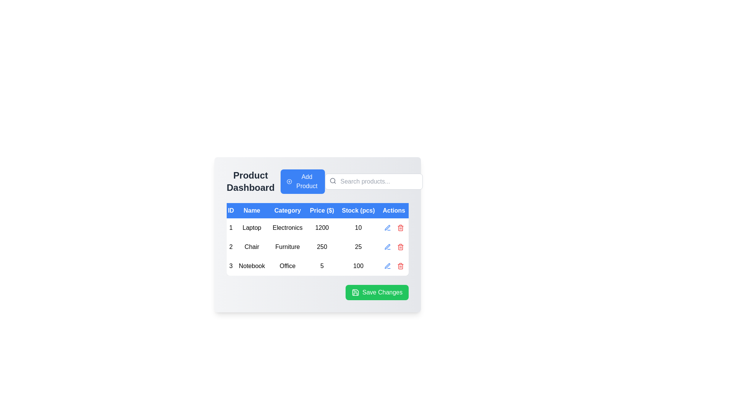 The width and height of the screenshot is (734, 413). Describe the element at coordinates (317, 239) in the screenshot. I see `the rows of the Data Table displaying product details on the Product Dashboard` at that location.